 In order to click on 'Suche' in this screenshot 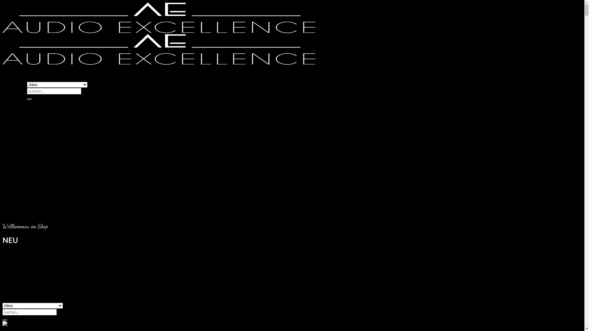, I will do `click(29, 99)`.